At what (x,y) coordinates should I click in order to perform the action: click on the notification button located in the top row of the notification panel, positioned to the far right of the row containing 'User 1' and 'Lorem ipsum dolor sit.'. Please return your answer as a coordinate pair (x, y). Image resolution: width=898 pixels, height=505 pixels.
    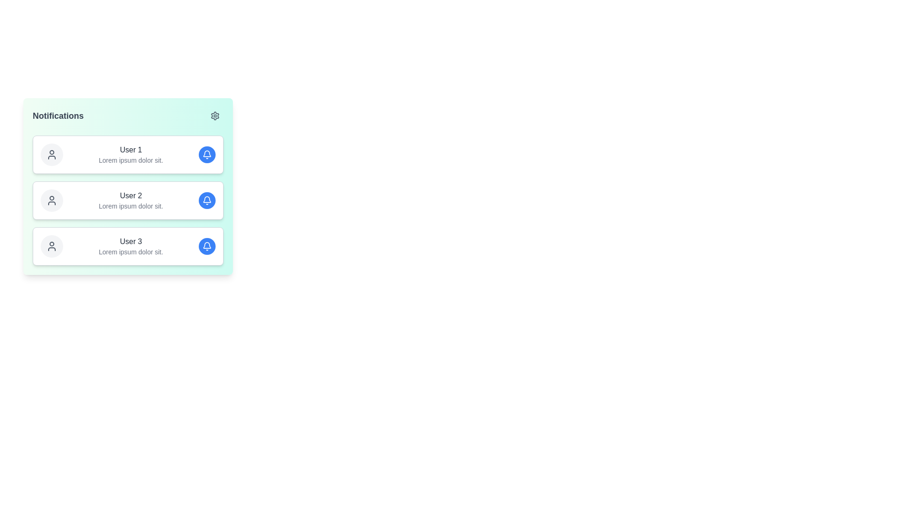
    Looking at the image, I should click on (206, 154).